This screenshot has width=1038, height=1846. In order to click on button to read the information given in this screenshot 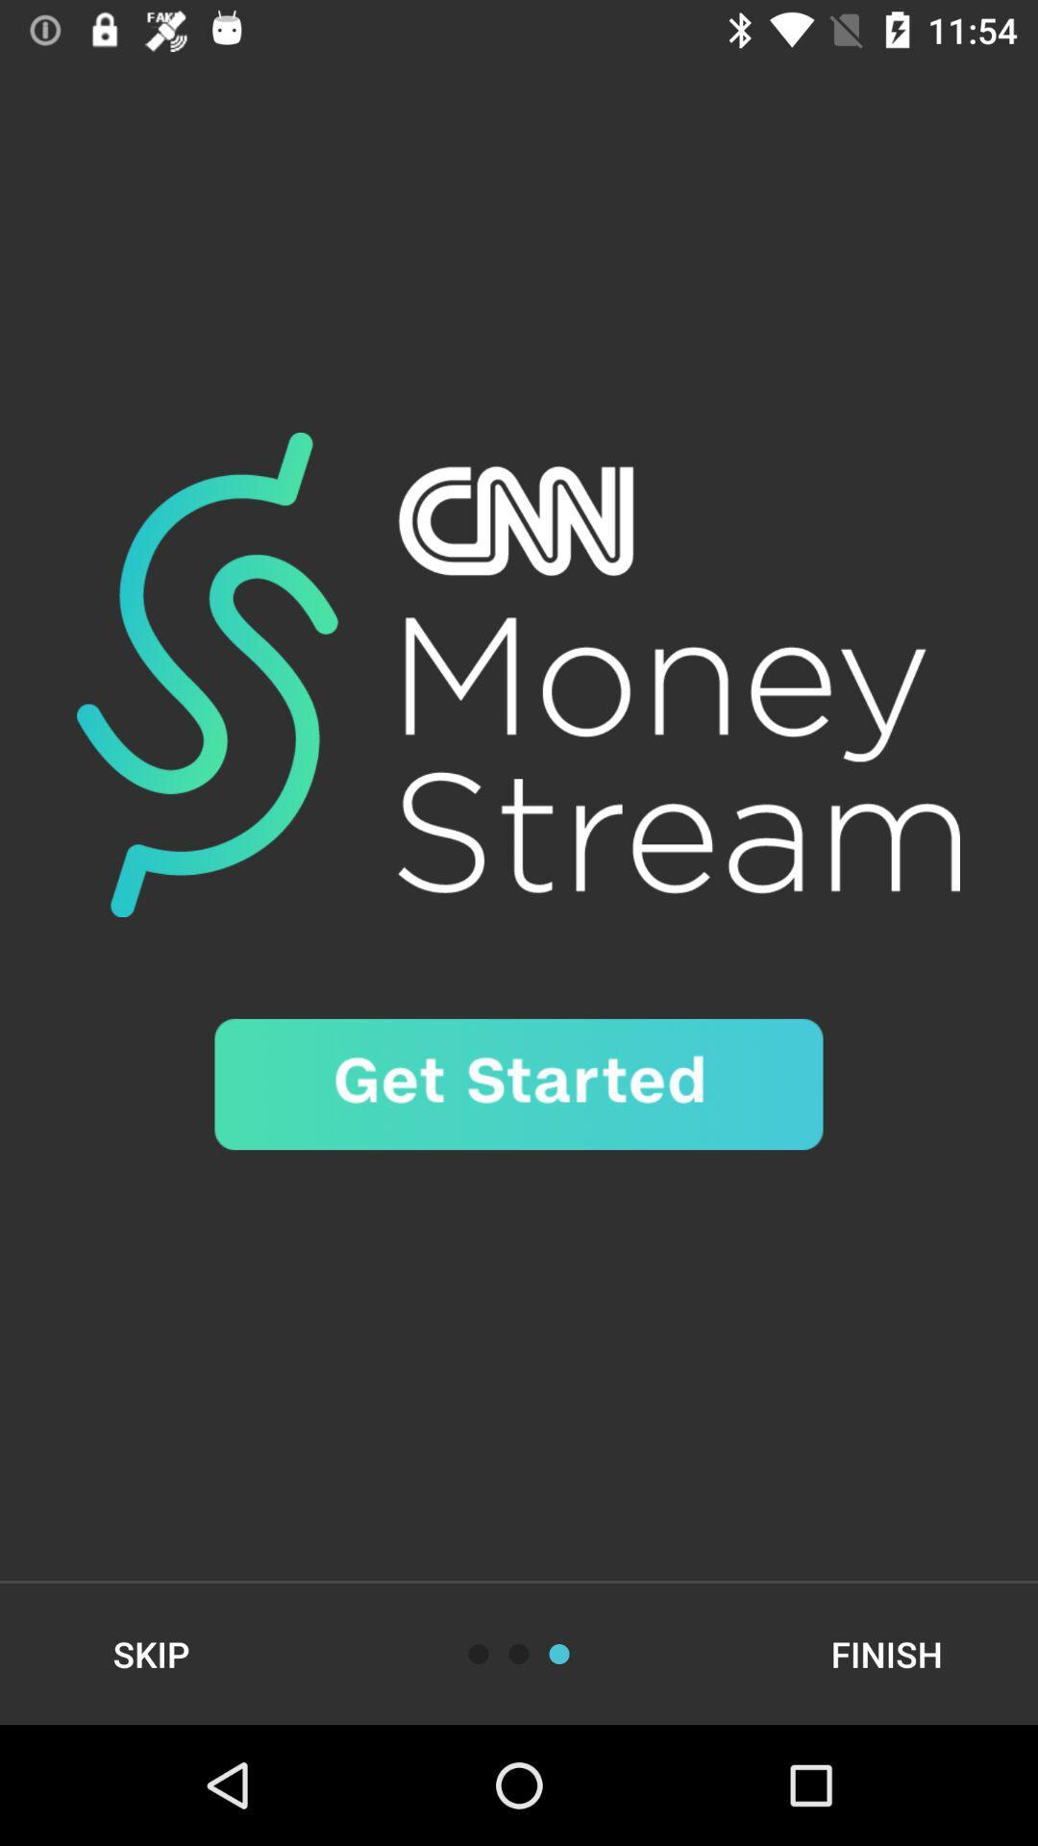, I will do `click(559, 1653)`.